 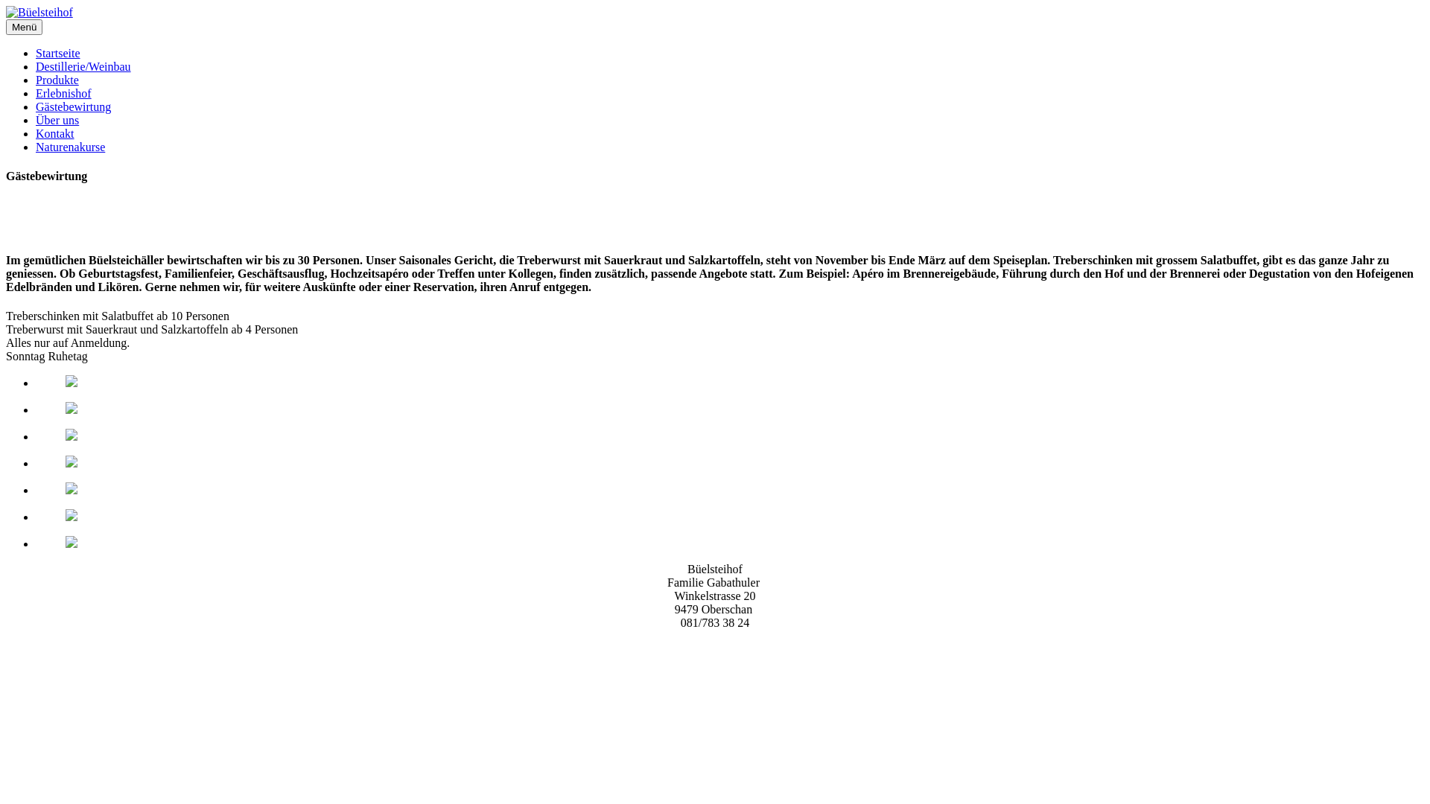 What do you see at coordinates (57, 52) in the screenshot?
I see `'Startseite'` at bounding box center [57, 52].